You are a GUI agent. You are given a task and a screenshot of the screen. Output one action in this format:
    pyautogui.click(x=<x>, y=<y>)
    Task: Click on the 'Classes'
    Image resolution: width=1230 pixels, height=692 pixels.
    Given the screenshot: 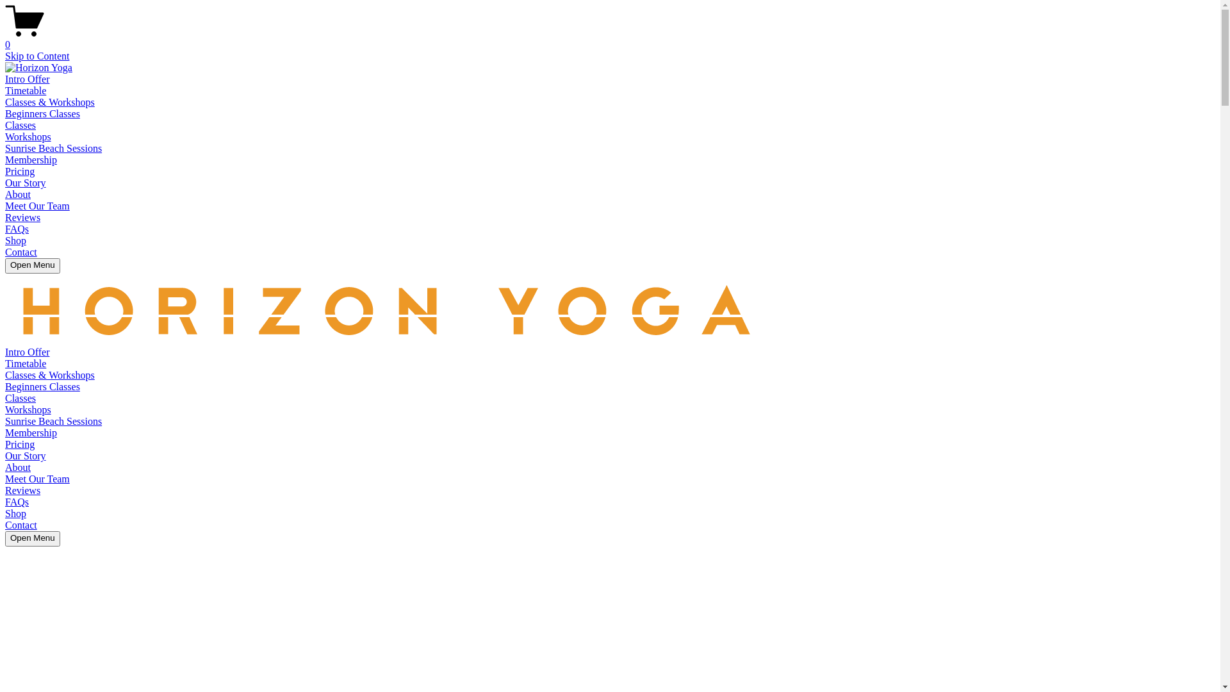 What is the action you would take?
    pyautogui.click(x=20, y=125)
    